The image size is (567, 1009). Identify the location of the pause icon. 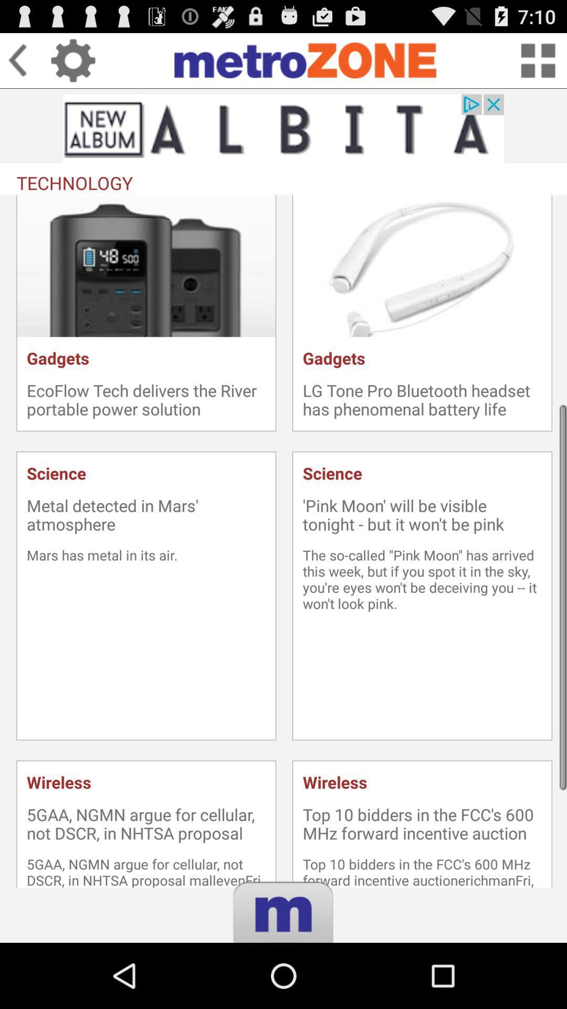
(283, 986).